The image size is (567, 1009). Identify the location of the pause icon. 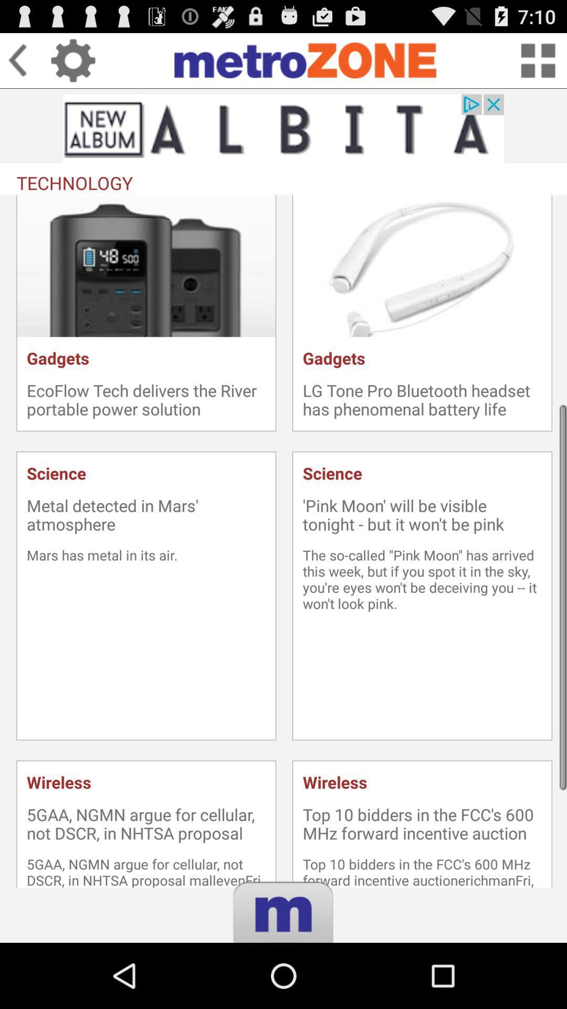
(283, 986).